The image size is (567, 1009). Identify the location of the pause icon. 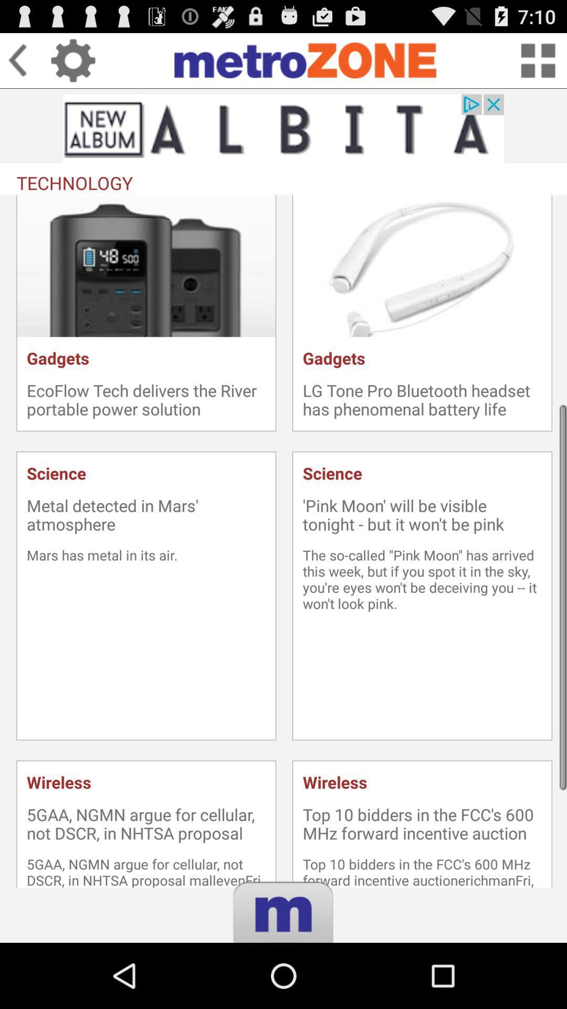
(283, 986).